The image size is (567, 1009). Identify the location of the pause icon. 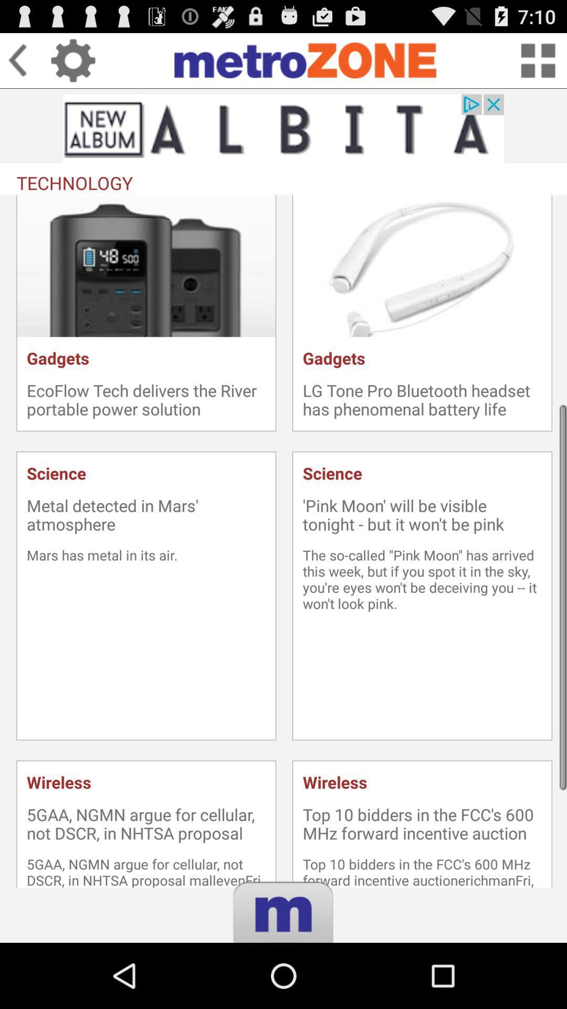
(283, 986).